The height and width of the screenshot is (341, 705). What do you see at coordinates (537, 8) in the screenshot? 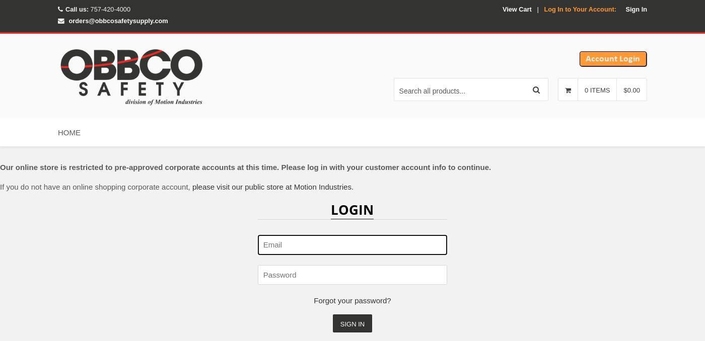
I see `'|'` at bounding box center [537, 8].